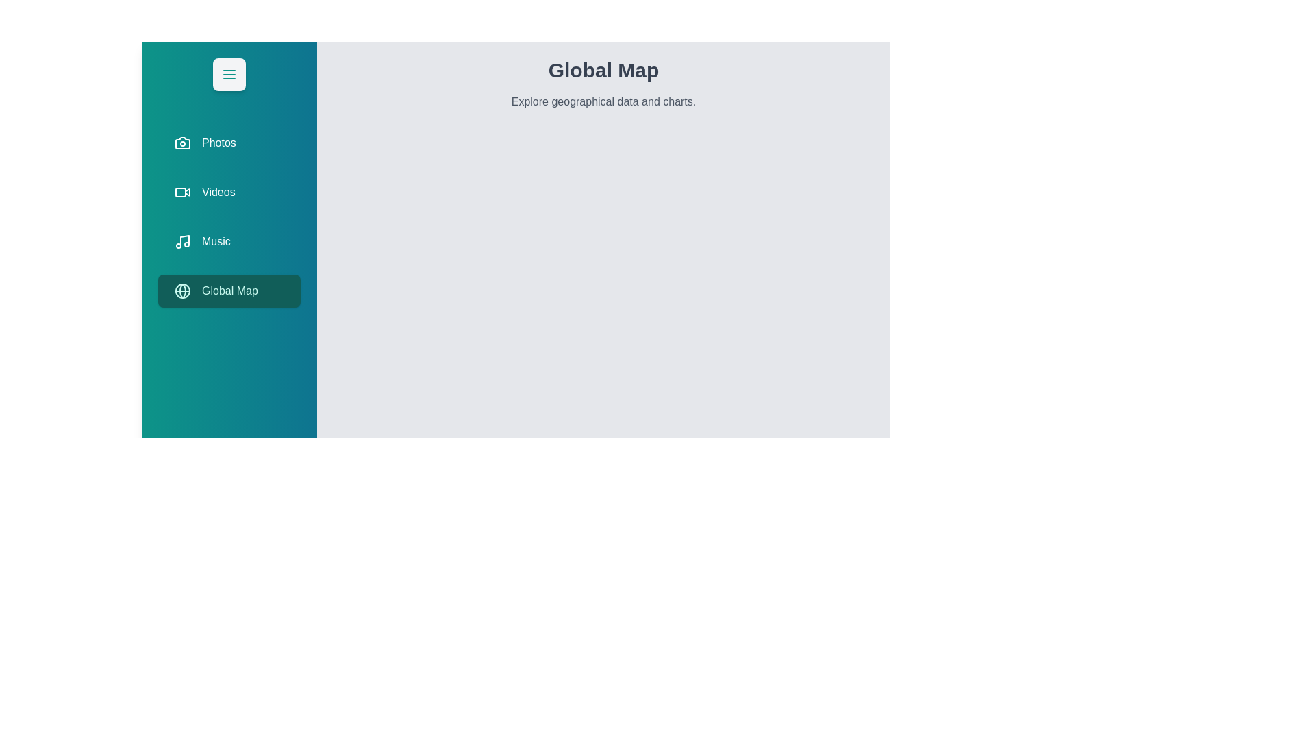 Image resolution: width=1315 pixels, height=740 pixels. I want to click on the tab labeled Photos from the menu, so click(229, 143).